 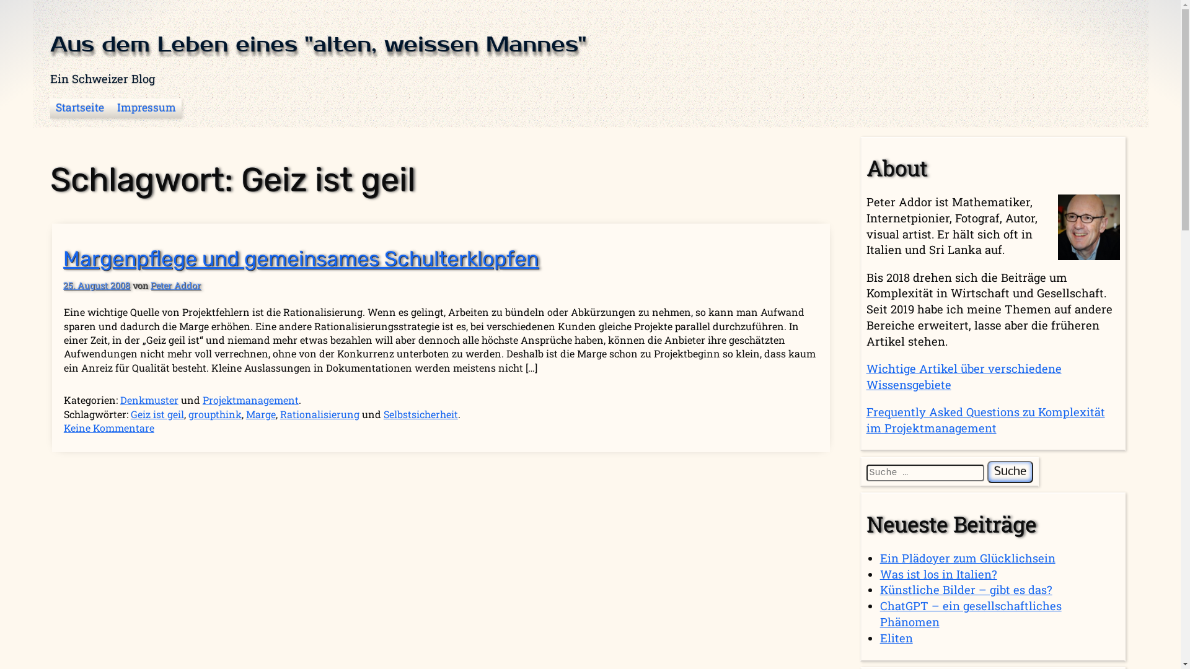 What do you see at coordinates (120, 400) in the screenshot?
I see `'Denkmuster'` at bounding box center [120, 400].